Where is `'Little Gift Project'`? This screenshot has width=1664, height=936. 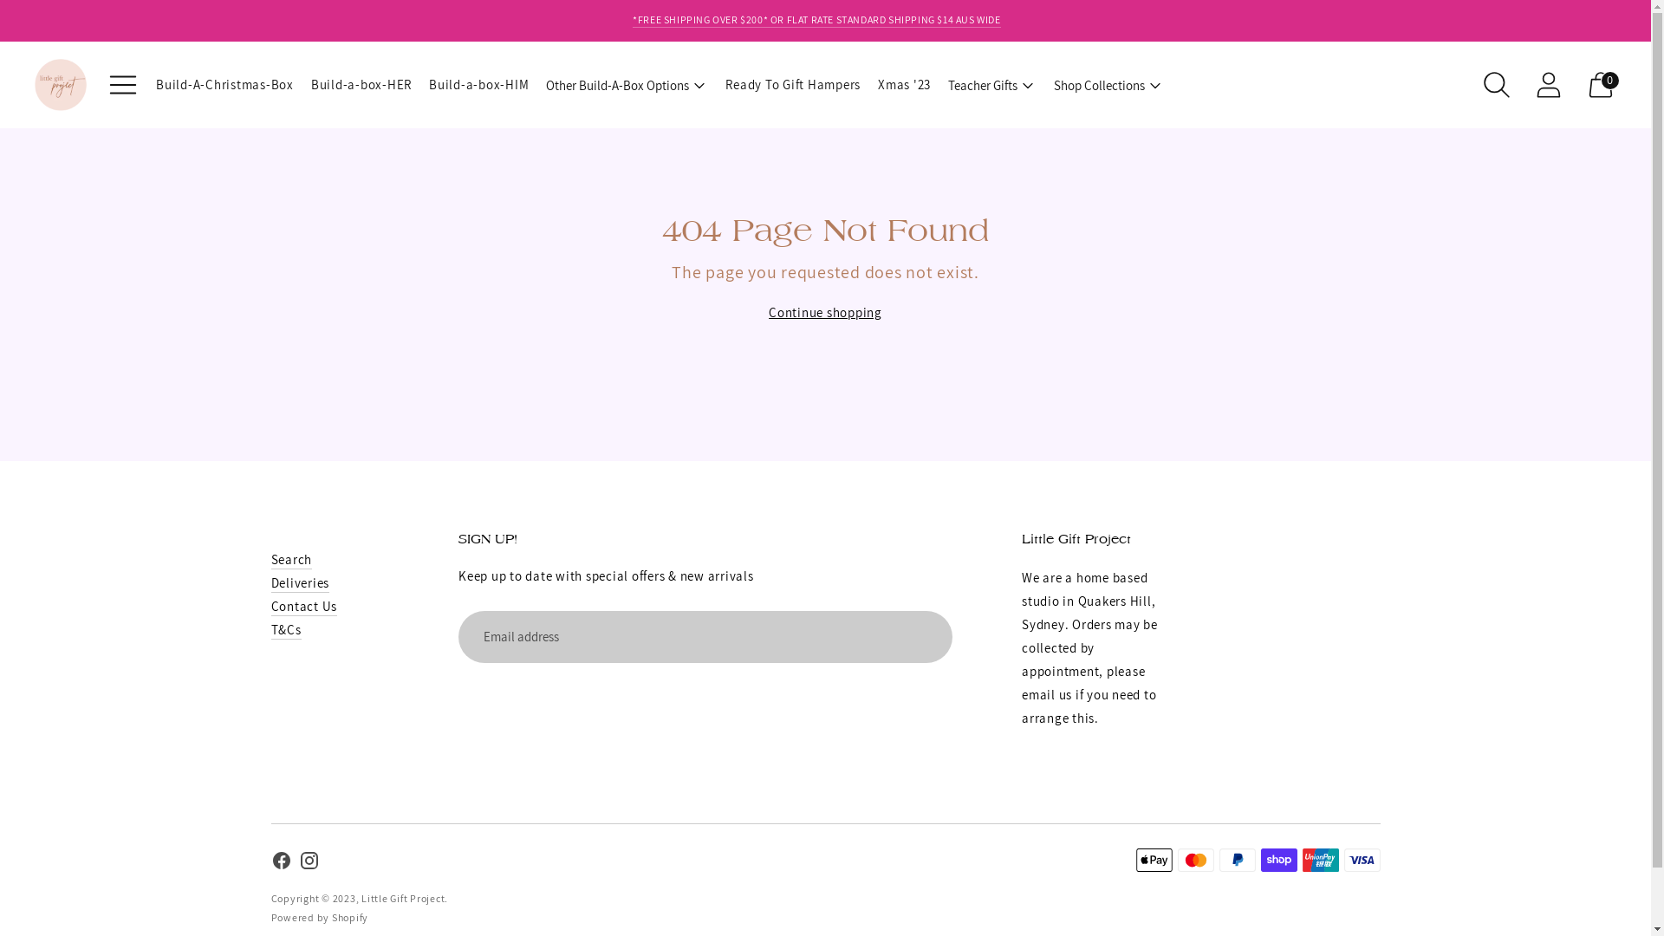
'Little Gift Project' is located at coordinates (361, 897).